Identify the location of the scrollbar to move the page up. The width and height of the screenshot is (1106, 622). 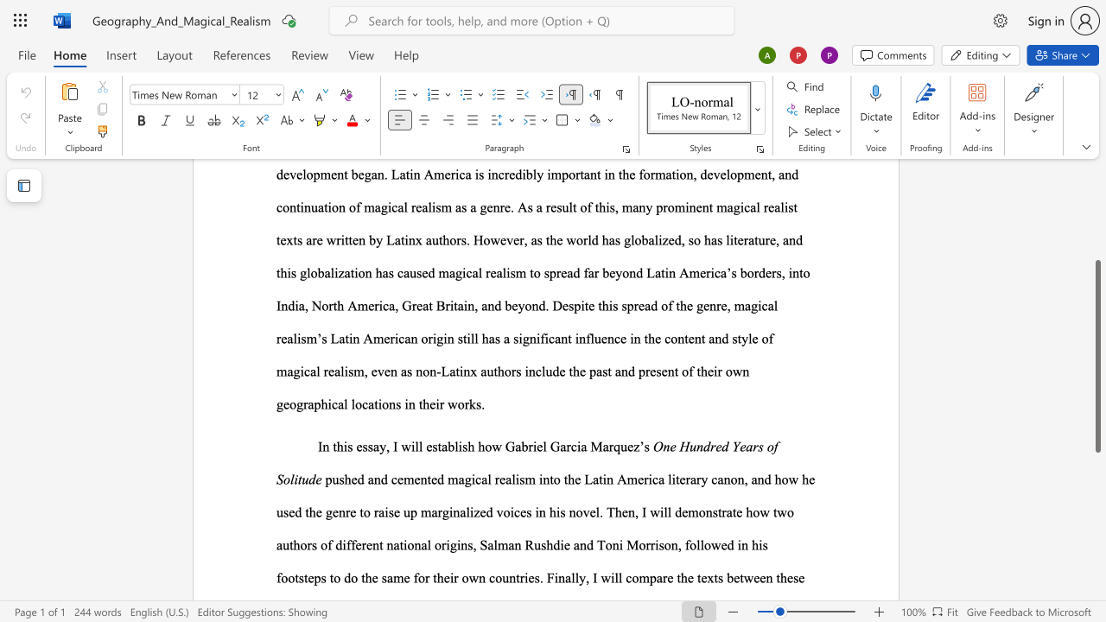
(1096, 206).